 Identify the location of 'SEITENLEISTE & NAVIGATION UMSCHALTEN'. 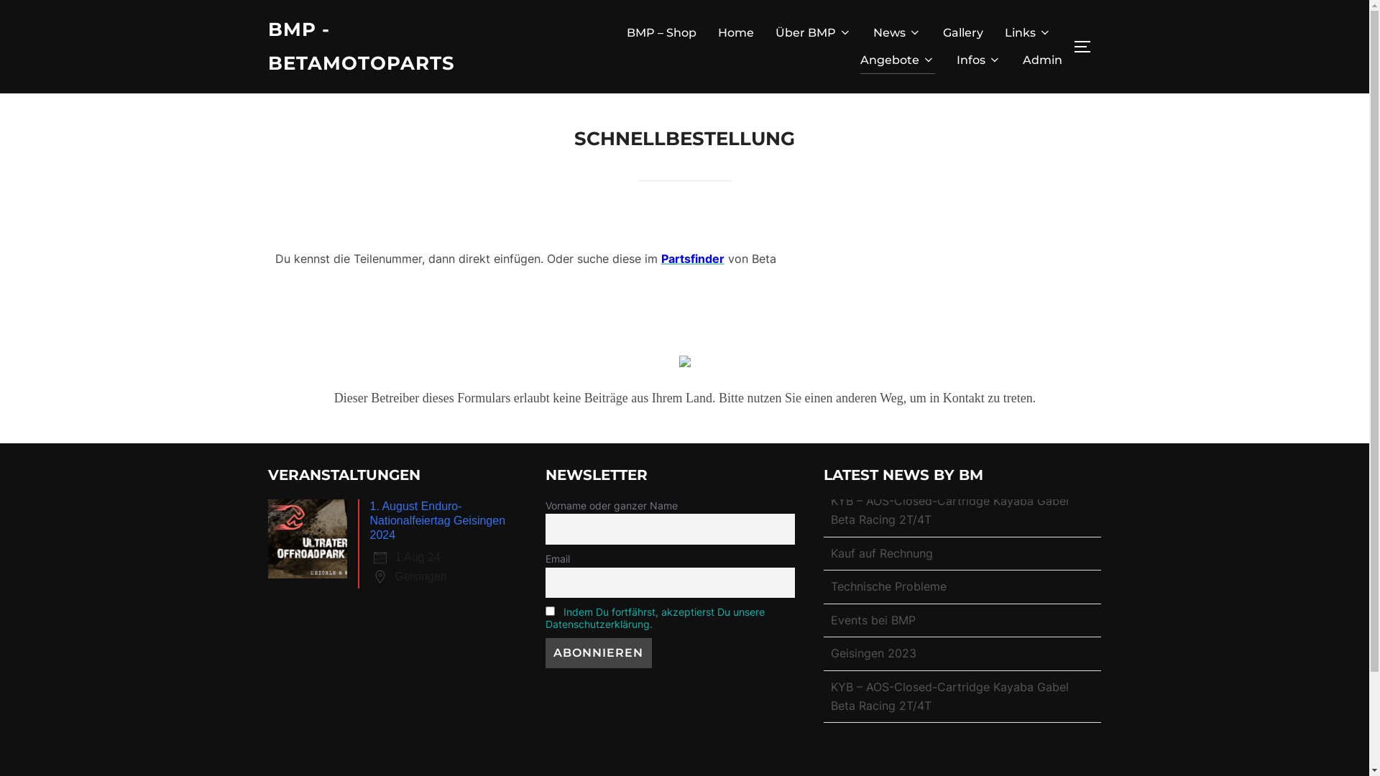
(1087, 46).